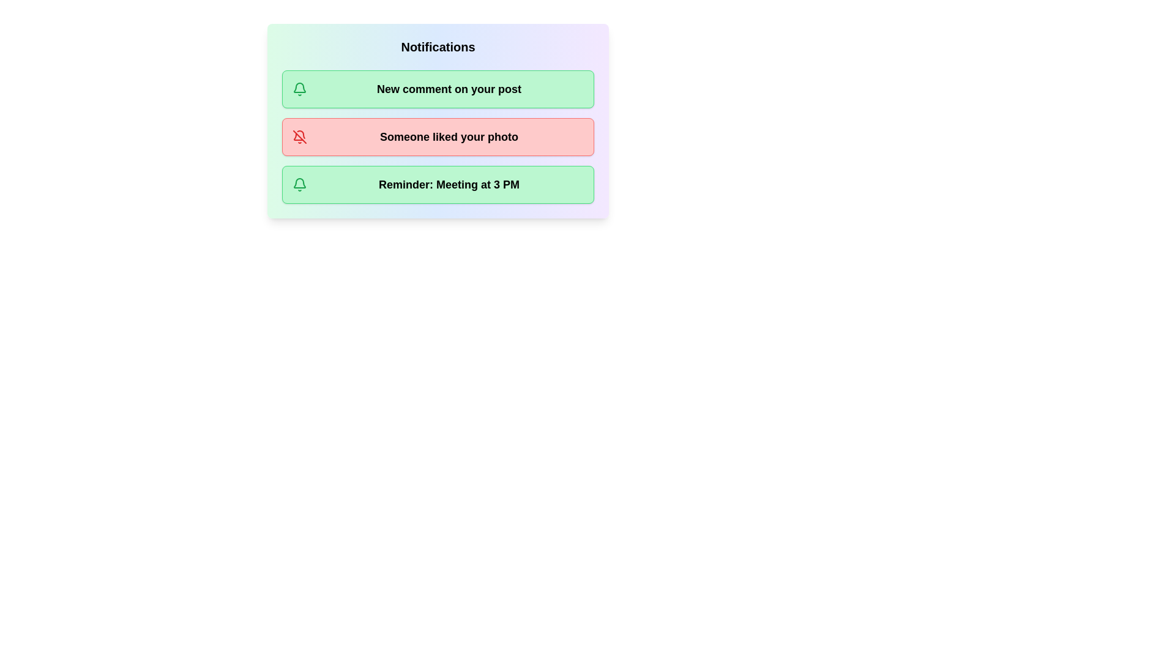 Image resolution: width=1175 pixels, height=661 pixels. I want to click on the notification chip labeled 'New comment on your post' to observe the hover effect, so click(438, 89).